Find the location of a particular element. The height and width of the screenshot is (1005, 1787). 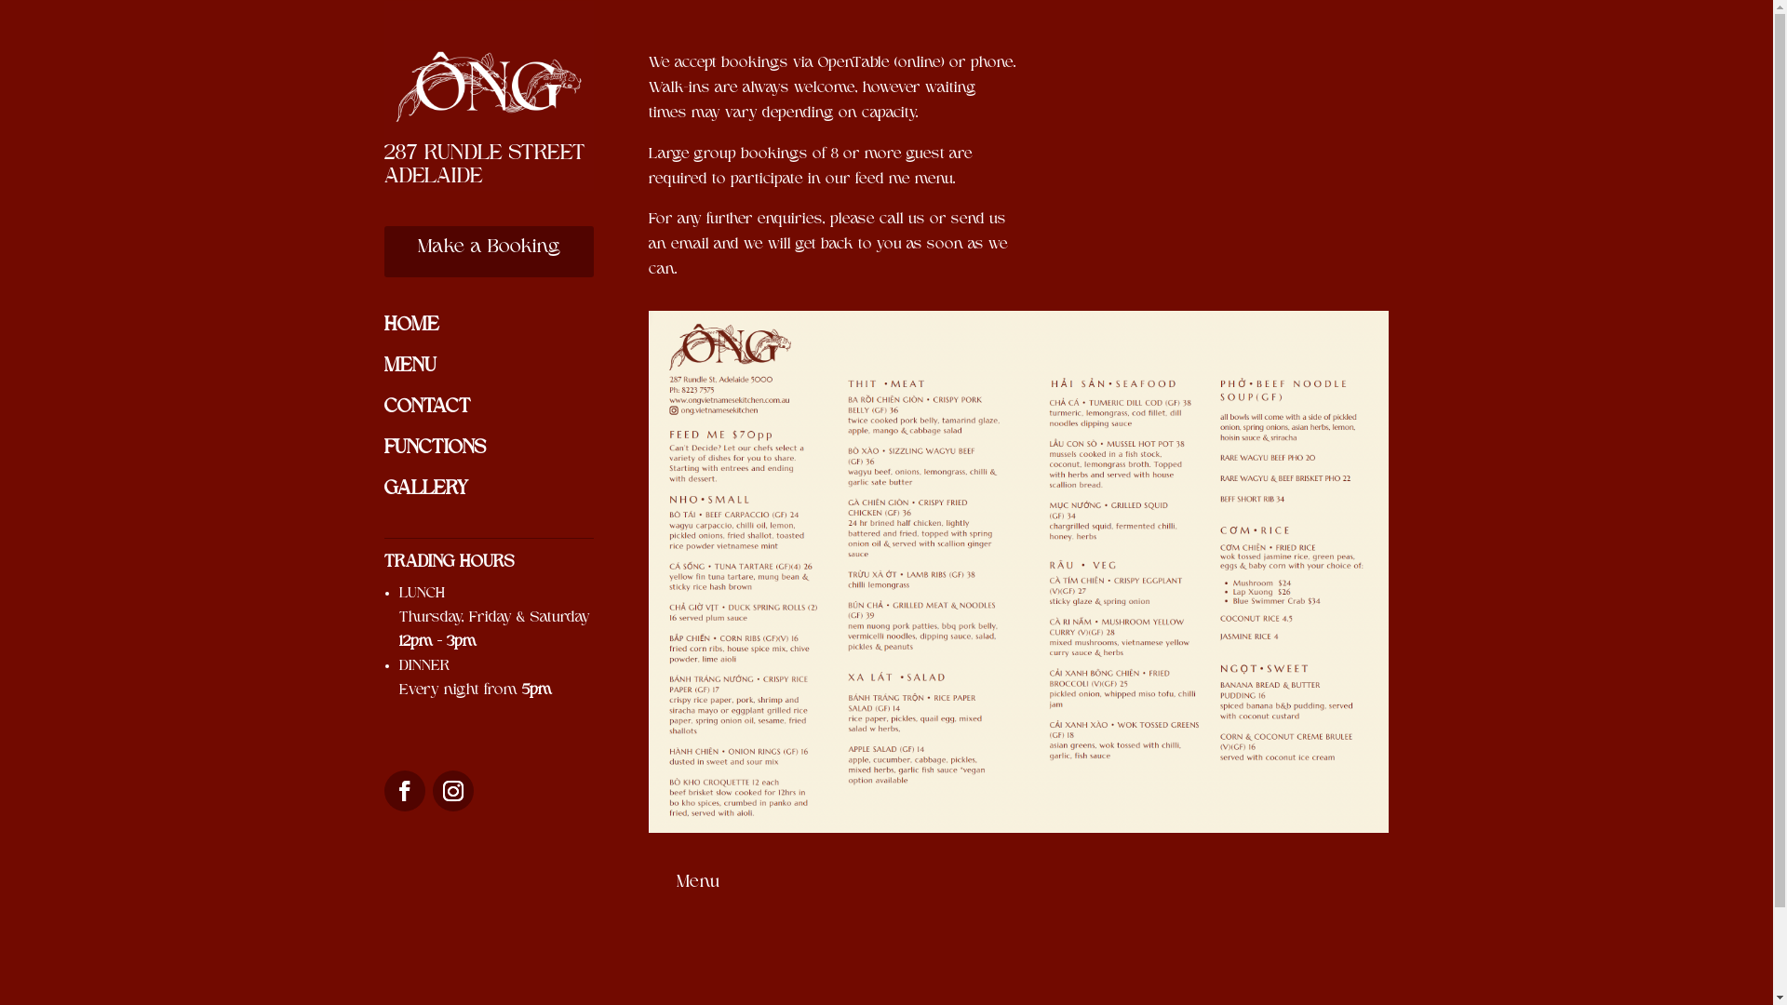

'Follow on Instagram' is located at coordinates (451, 790).